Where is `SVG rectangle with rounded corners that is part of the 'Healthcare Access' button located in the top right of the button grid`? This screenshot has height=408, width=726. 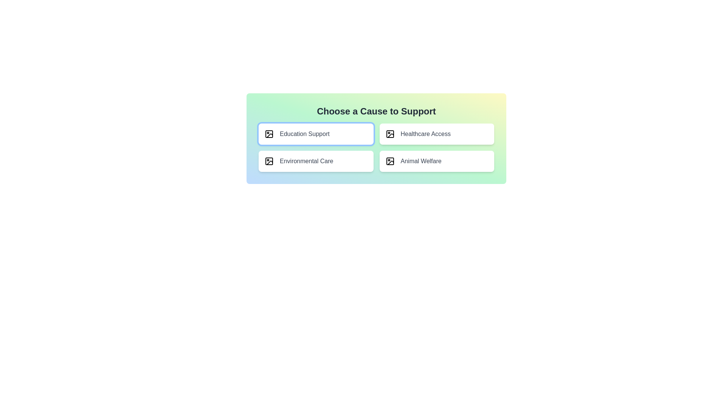 SVG rectangle with rounded corners that is part of the 'Healthcare Access' button located in the top right of the button grid is located at coordinates (390, 133).